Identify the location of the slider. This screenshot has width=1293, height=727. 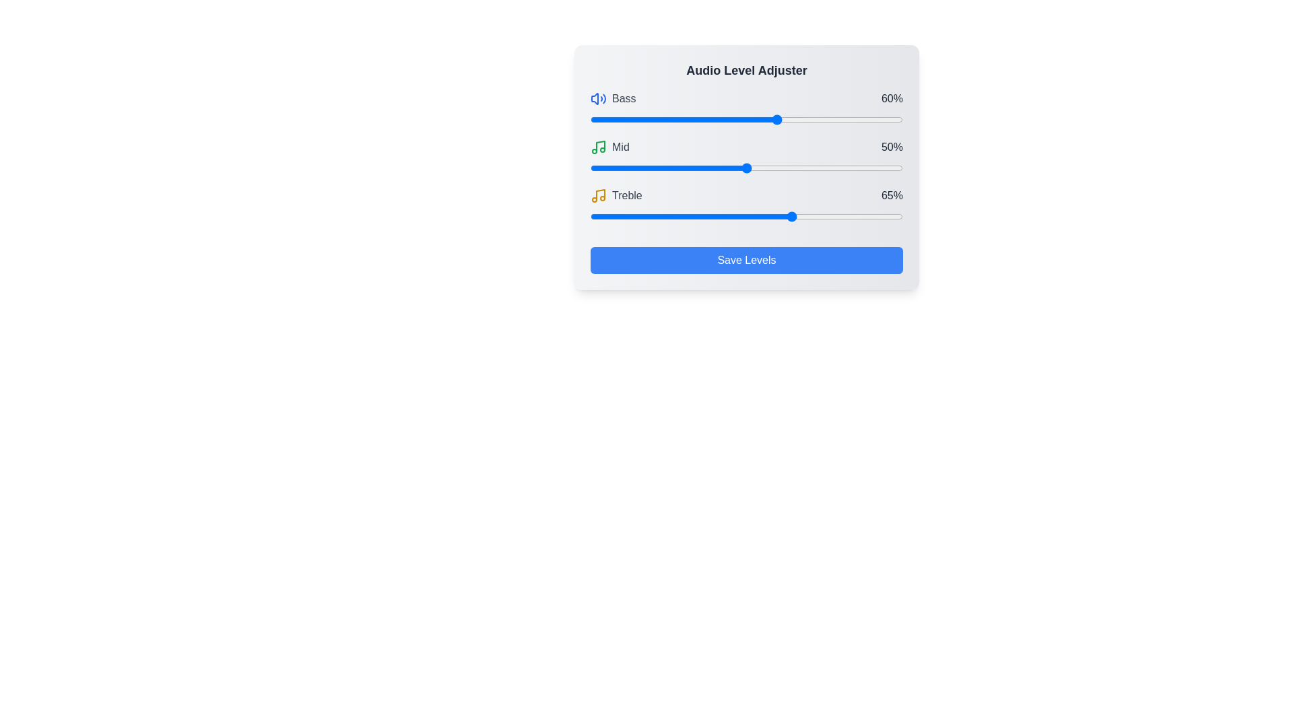
(653, 215).